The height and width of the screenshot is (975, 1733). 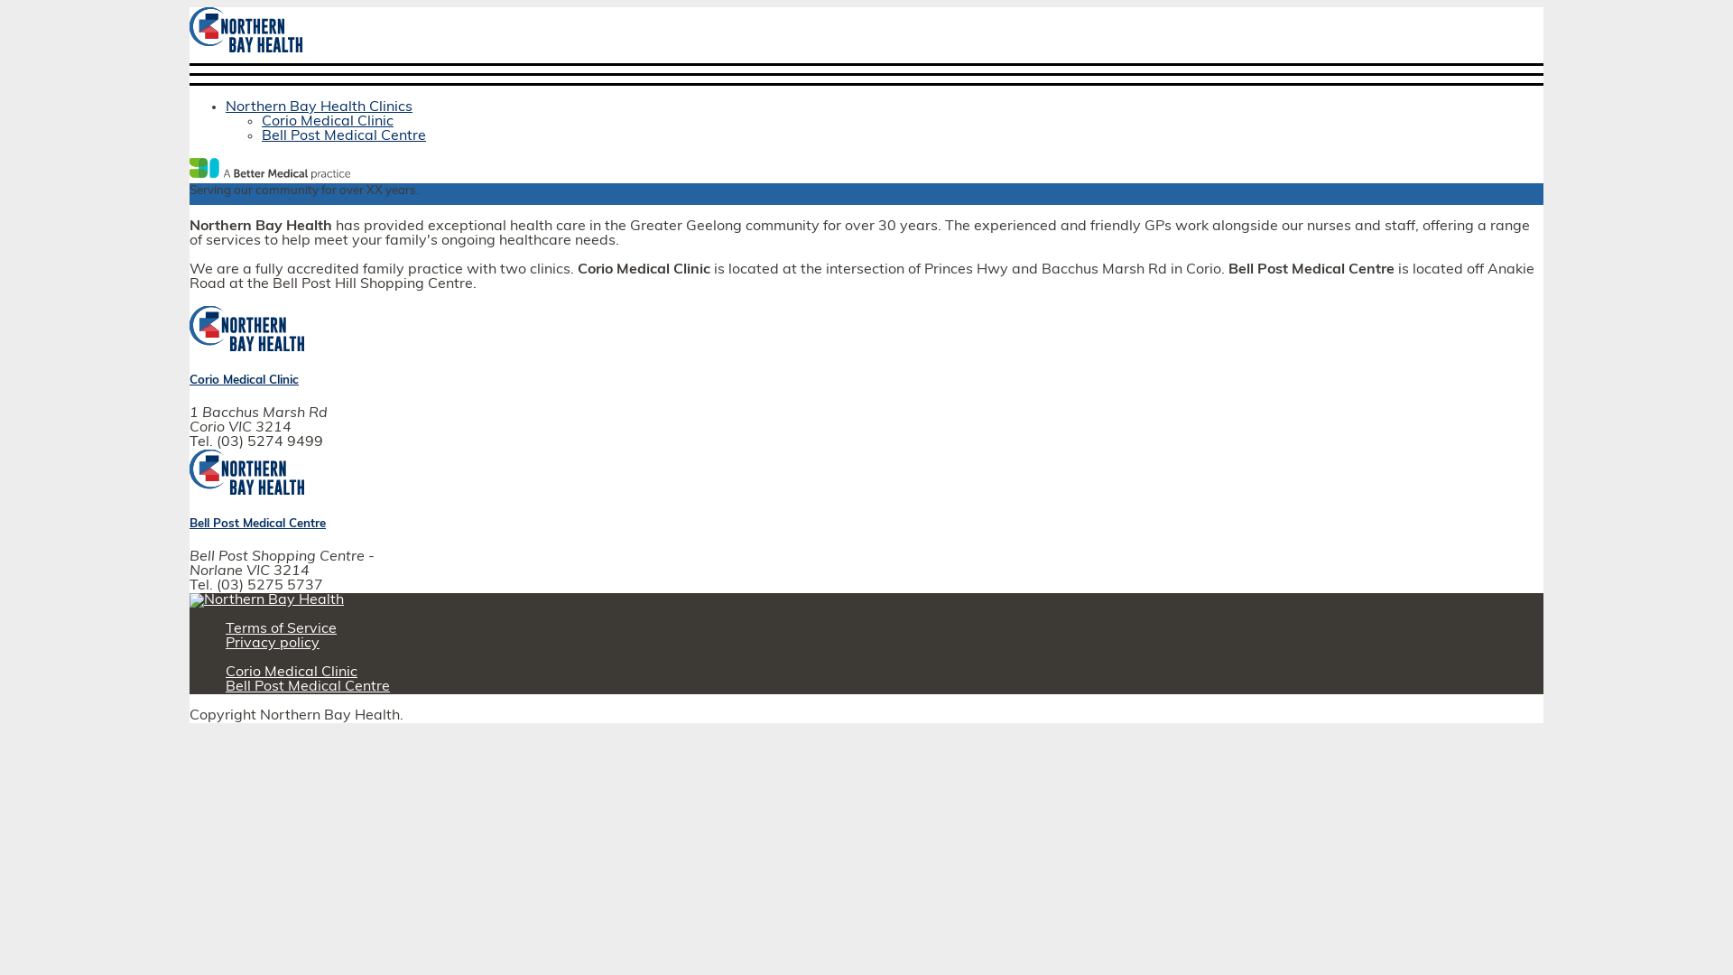 What do you see at coordinates (319, 107) in the screenshot?
I see `'Northern Bay Health Clinics'` at bounding box center [319, 107].